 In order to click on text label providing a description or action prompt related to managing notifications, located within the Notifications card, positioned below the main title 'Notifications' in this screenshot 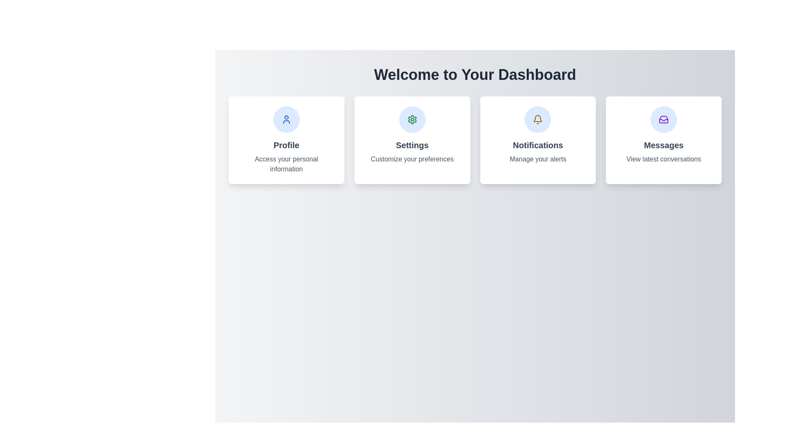, I will do `click(538, 159)`.